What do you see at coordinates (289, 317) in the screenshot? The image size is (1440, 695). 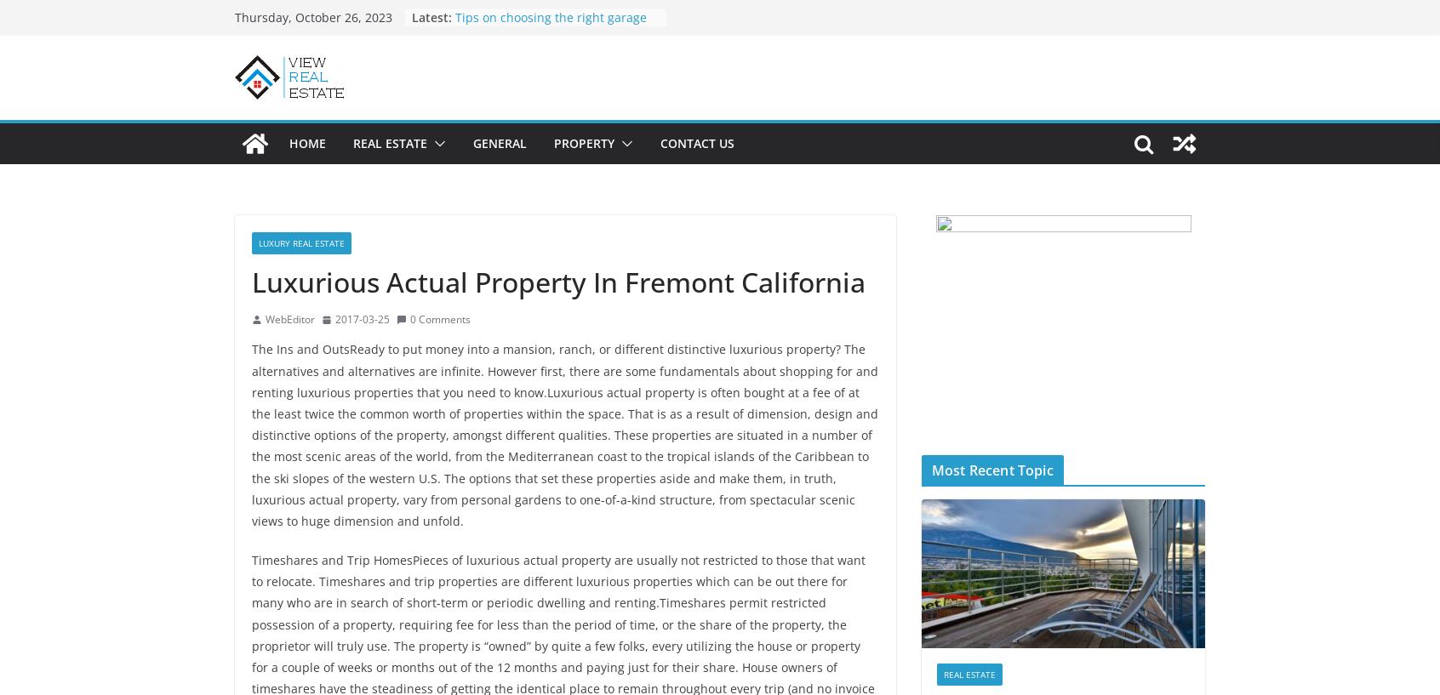 I see `'WebEditor'` at bounding box center [289, 317].